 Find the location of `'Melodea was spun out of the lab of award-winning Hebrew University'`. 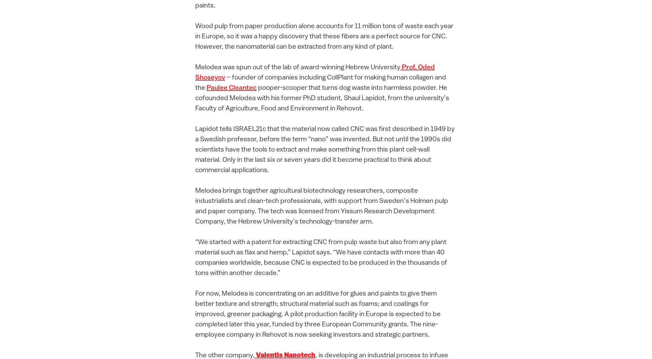

'Melodea was spun out of the lab of award-winning Hebrew University' is located at coordinates (297, 67).